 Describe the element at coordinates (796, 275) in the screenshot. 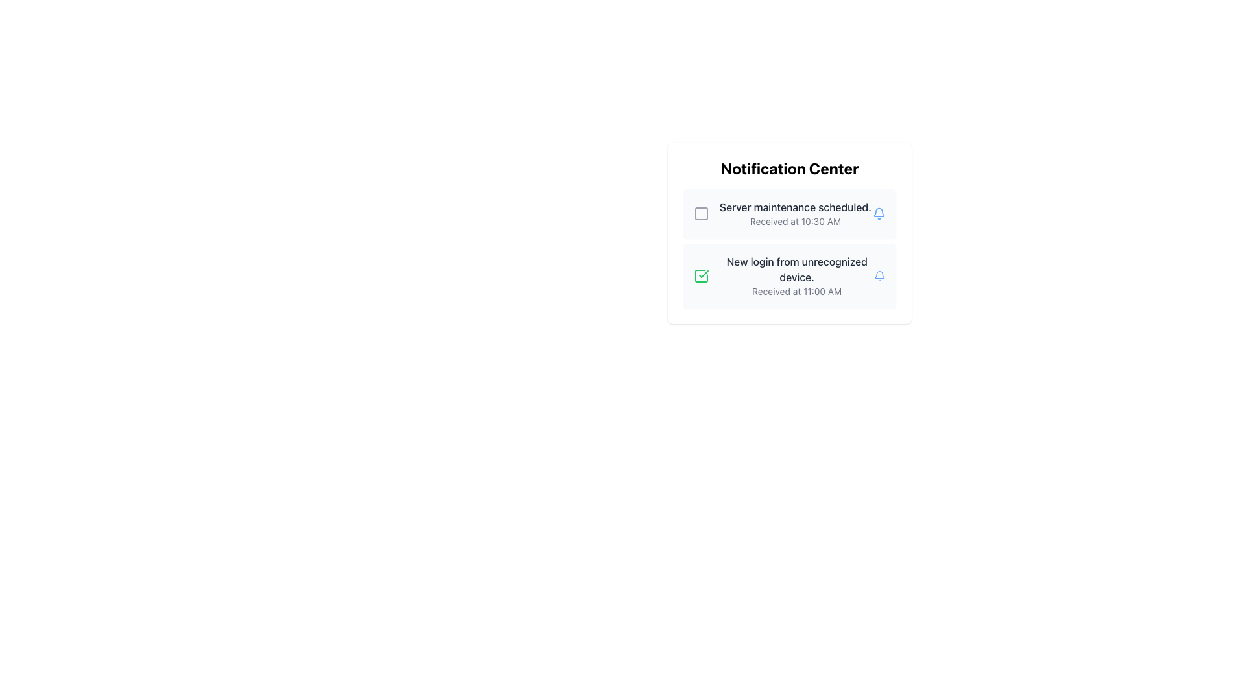

I see `the notification text block displaying 'New login from unrecognized device.' which is the second notification under the 'Notification Center.'` at that location.